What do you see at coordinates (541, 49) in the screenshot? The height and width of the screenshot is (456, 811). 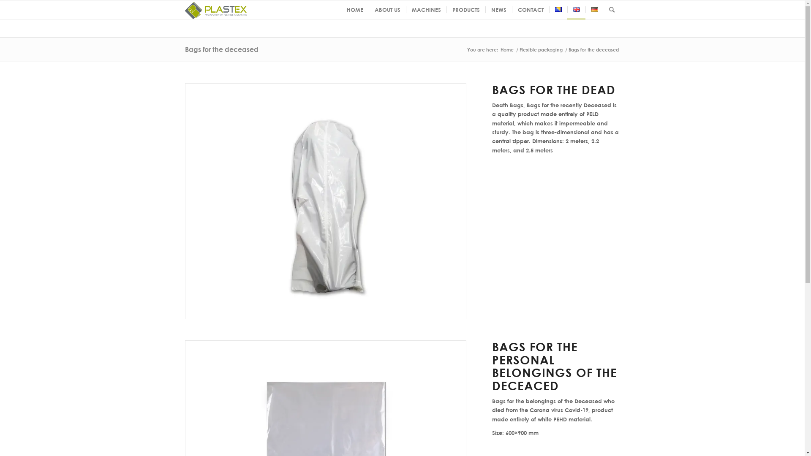 I see `'Flexible packaging'` at bounding box center [541, 49].